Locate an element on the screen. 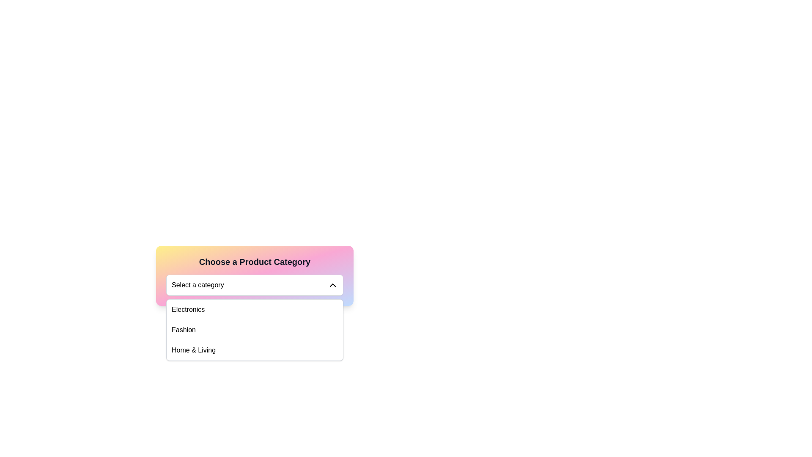  the dropdown menu labeled 'Select a category' to choose an option from the list including 'Electronics', 'Fashion', and 'Home & Living' is located at coordinates (254, 329).